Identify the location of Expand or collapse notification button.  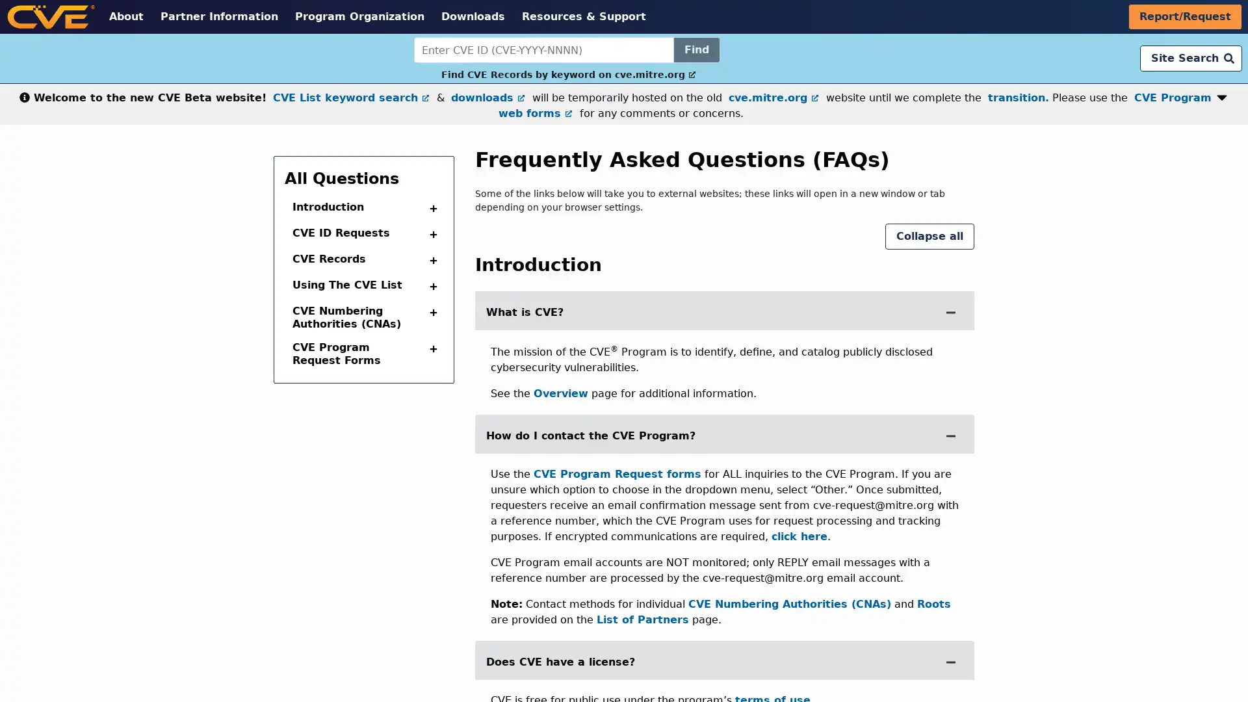
(1222, 94).